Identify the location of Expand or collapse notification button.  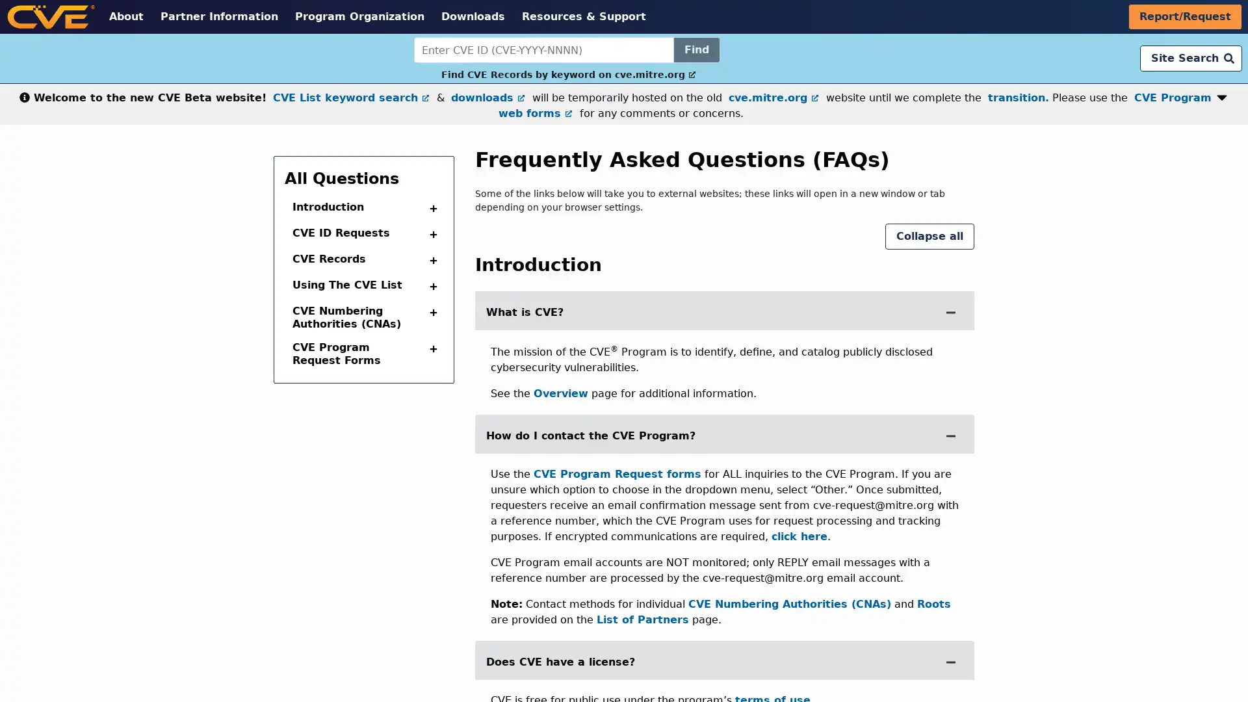
(1222, 94).